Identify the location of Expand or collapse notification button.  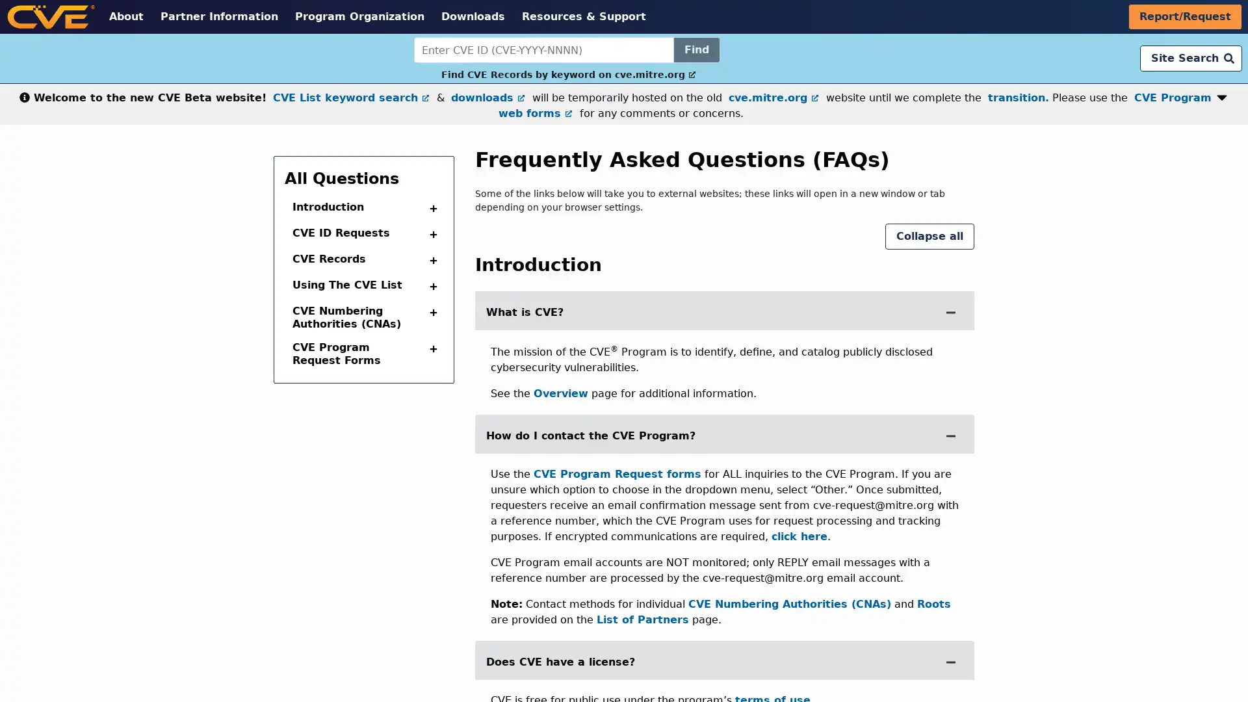
(1222, 94).